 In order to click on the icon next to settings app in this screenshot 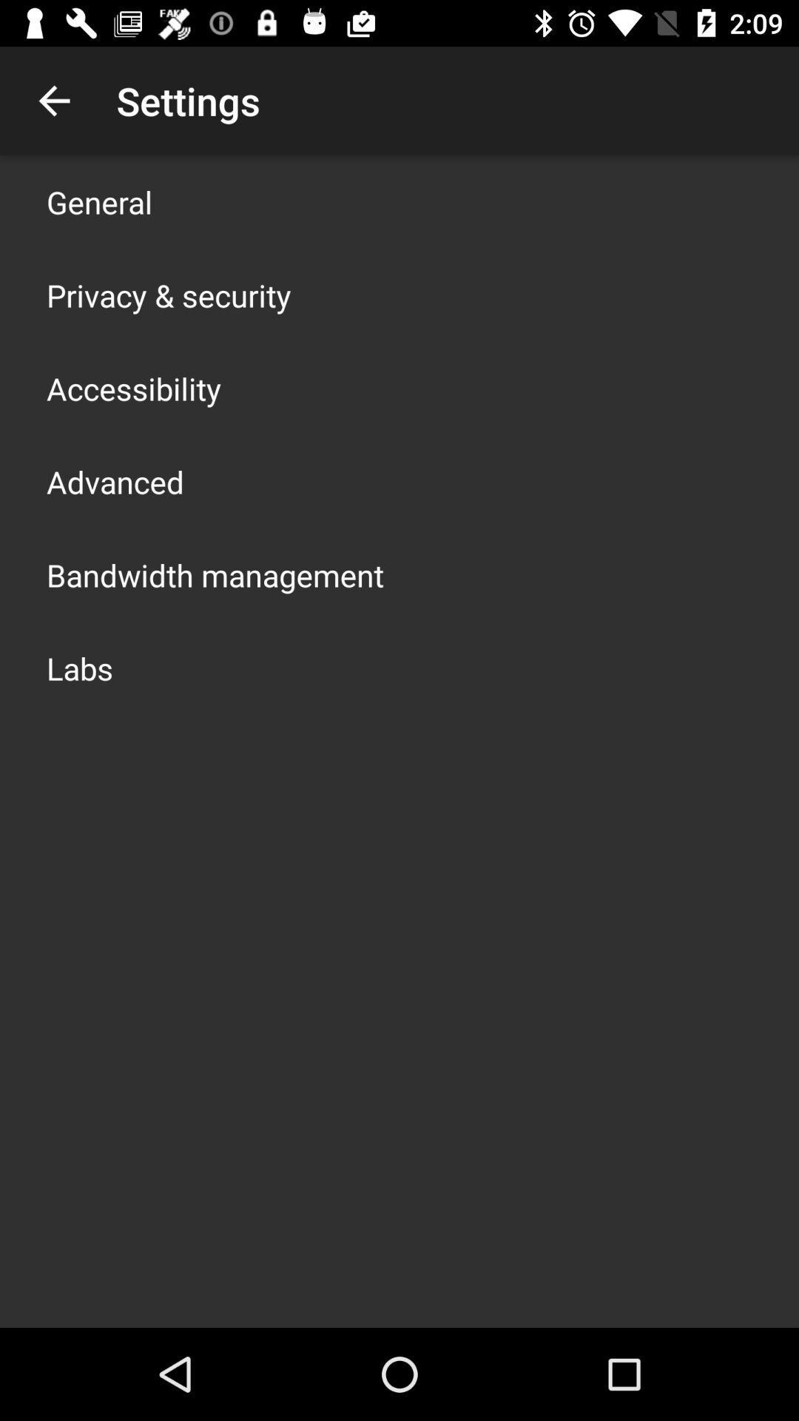, I will do `click(53, 100)`.